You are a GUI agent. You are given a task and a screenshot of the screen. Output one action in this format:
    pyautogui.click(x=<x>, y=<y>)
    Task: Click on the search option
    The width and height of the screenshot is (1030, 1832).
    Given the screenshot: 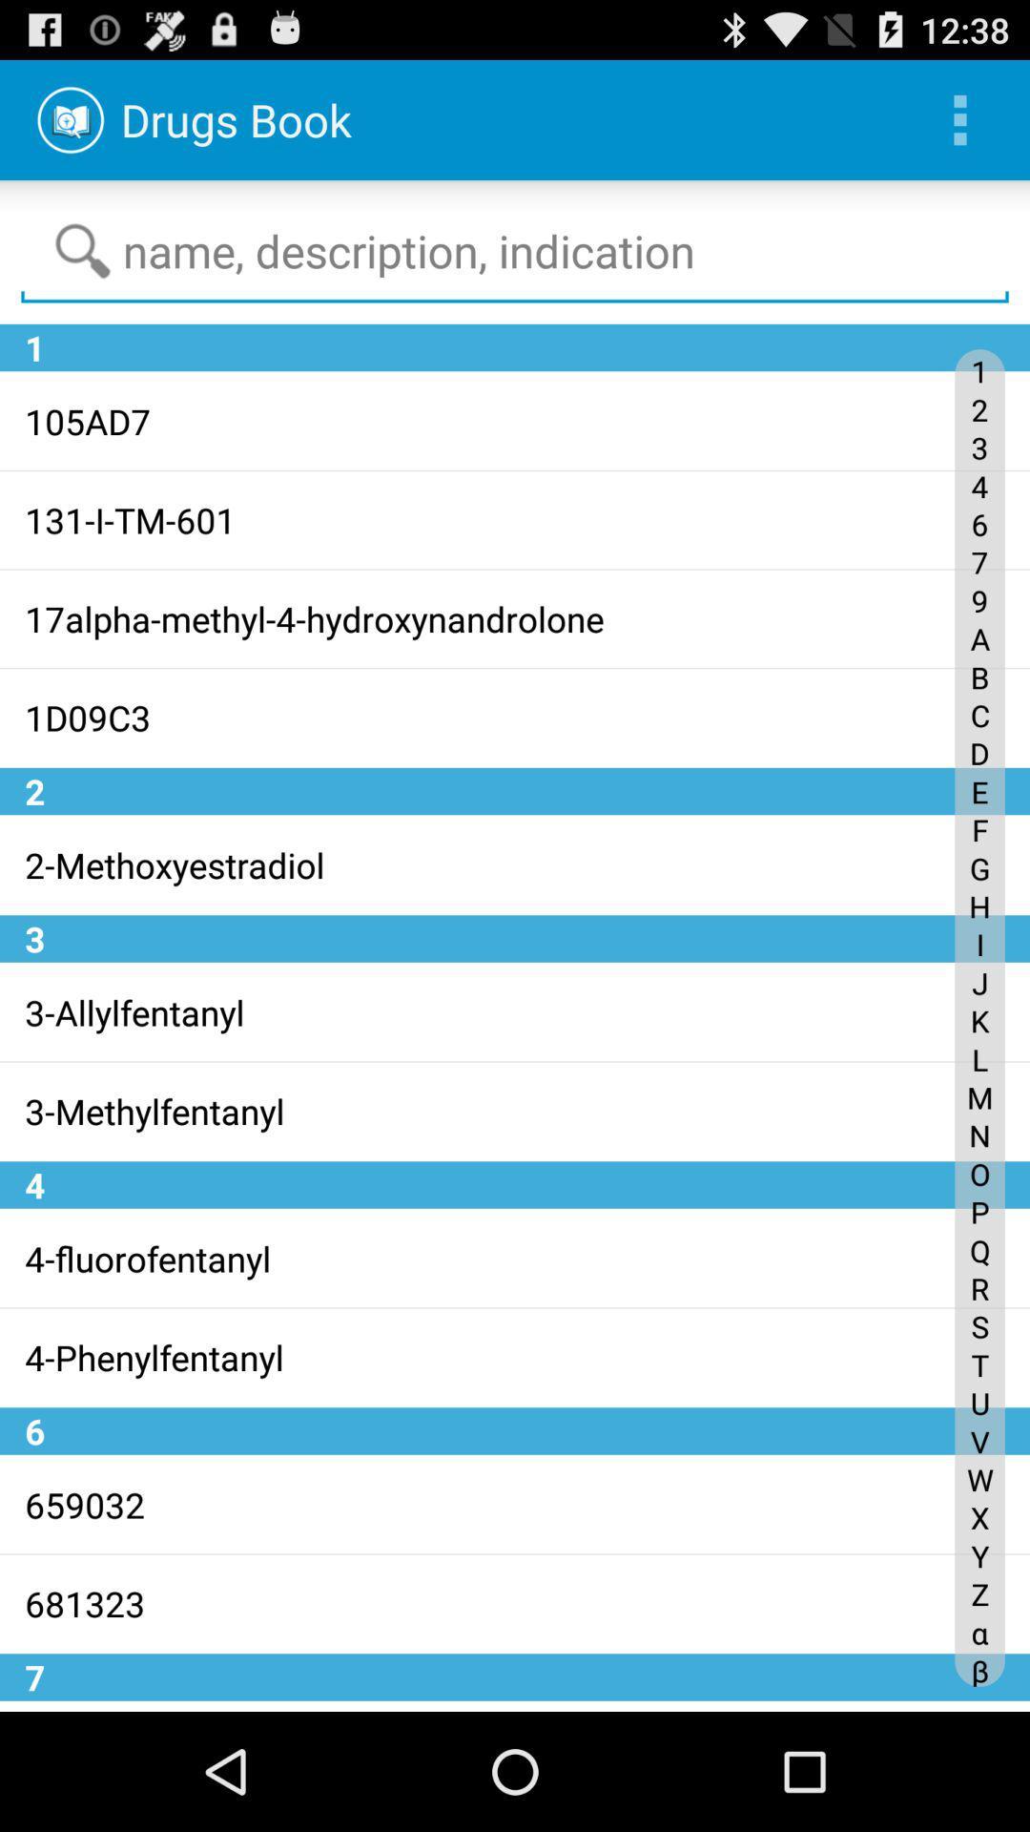 What is the action you would take?
    pyautogui.click(x=515, y=251)
    